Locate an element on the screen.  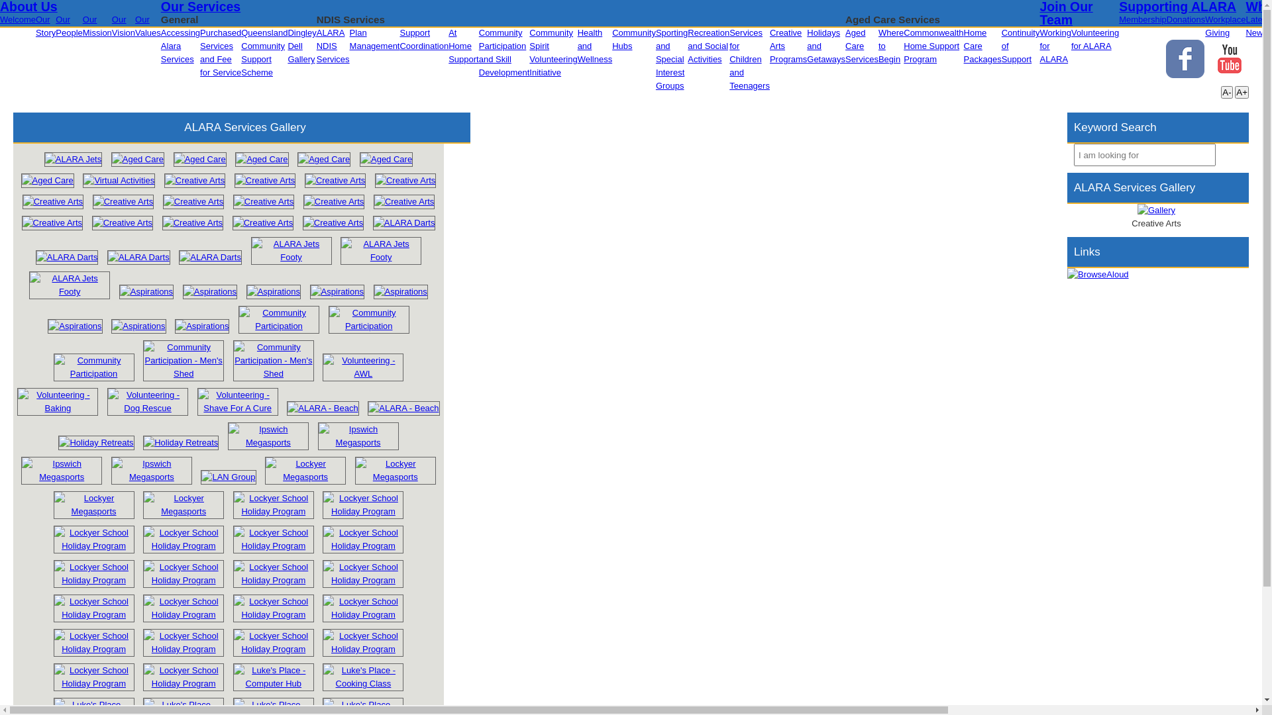
'Volunteering - Dog Rescue' is located at coordinates (147, 407).